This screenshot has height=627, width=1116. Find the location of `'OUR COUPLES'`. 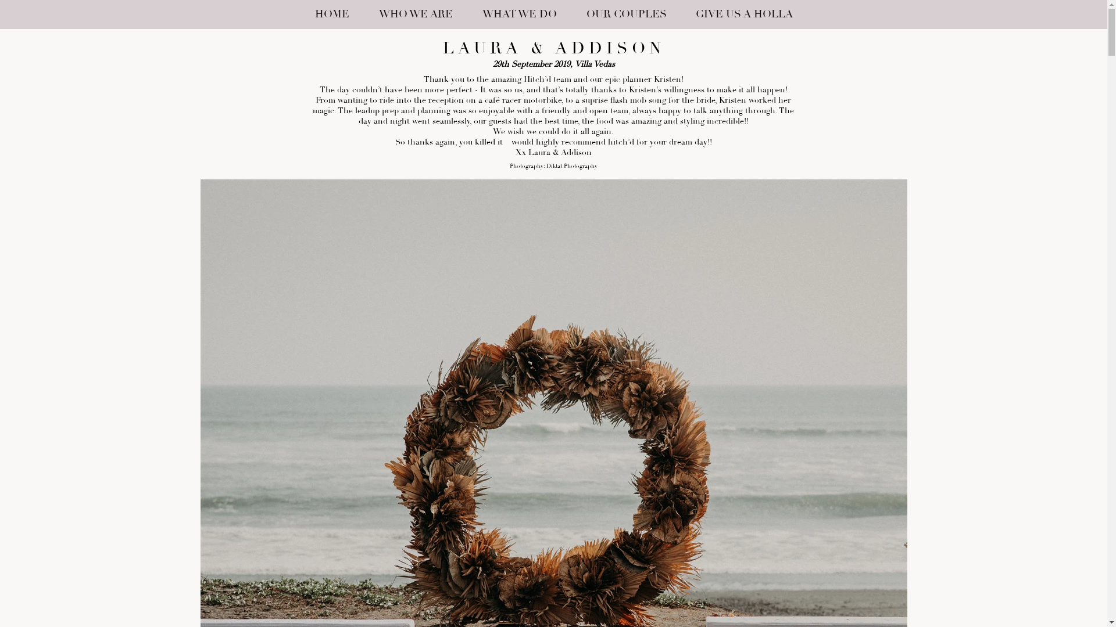

'OUR COUPLES' is located at coordinates (626, 14).